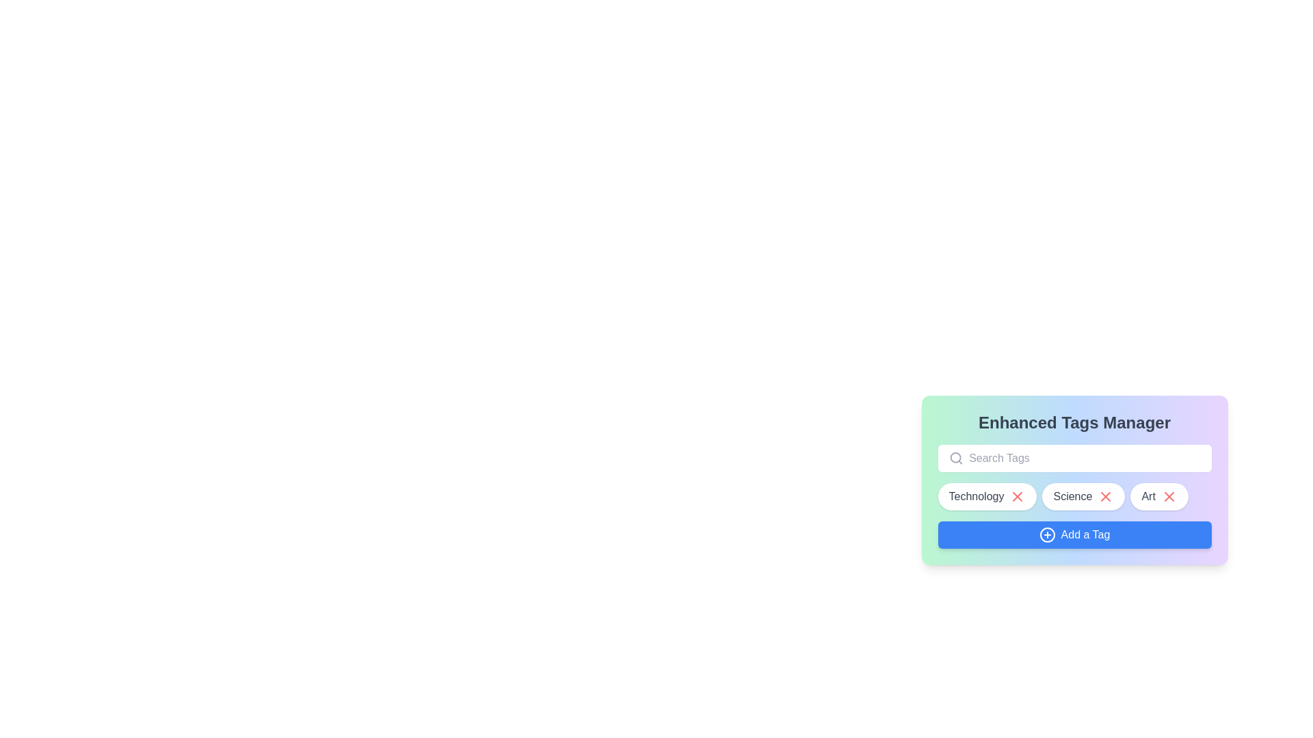 This screenshot has width=1313, height=738. What do you see at coordinates (1074, 534) in the screenshot?
I see `'Add a Tag' button to add a new tag` at bounding box center [1074, 534].